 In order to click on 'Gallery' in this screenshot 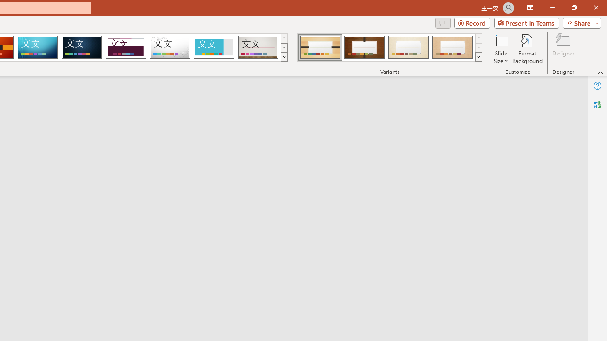, I will do `click(258, 47)`.